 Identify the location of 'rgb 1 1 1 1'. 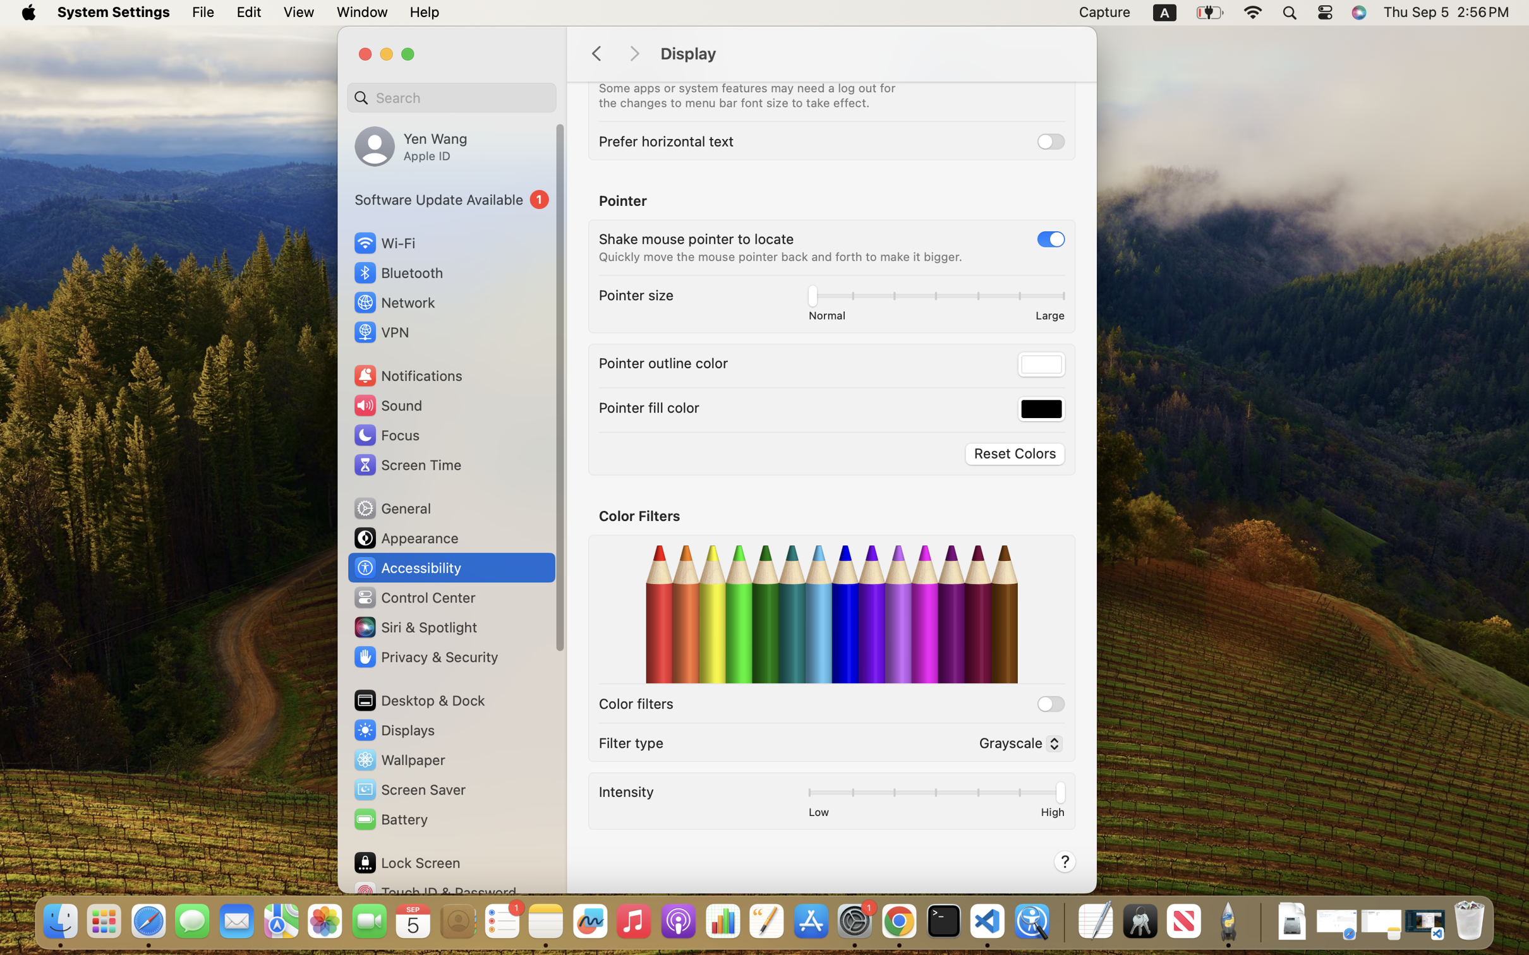
(1041, 364).